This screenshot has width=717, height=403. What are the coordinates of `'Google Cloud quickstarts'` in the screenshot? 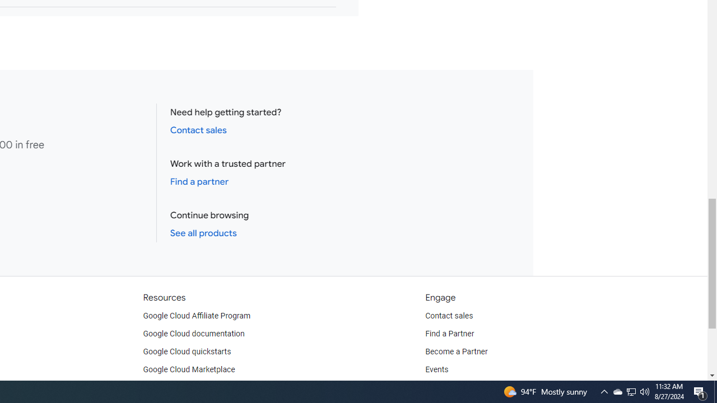 It's located at (187, 351).